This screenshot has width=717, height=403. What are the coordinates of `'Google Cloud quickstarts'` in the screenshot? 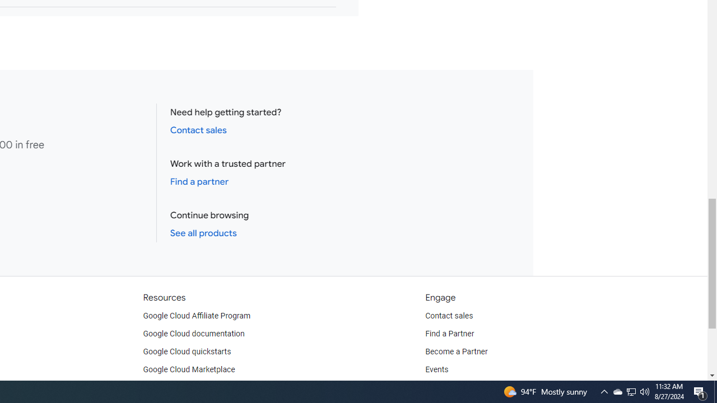 It's located at (187, 351).